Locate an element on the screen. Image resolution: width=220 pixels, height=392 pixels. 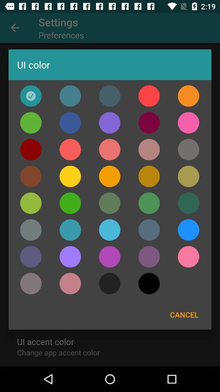
orange color selection is located at coordinates (188, 96).